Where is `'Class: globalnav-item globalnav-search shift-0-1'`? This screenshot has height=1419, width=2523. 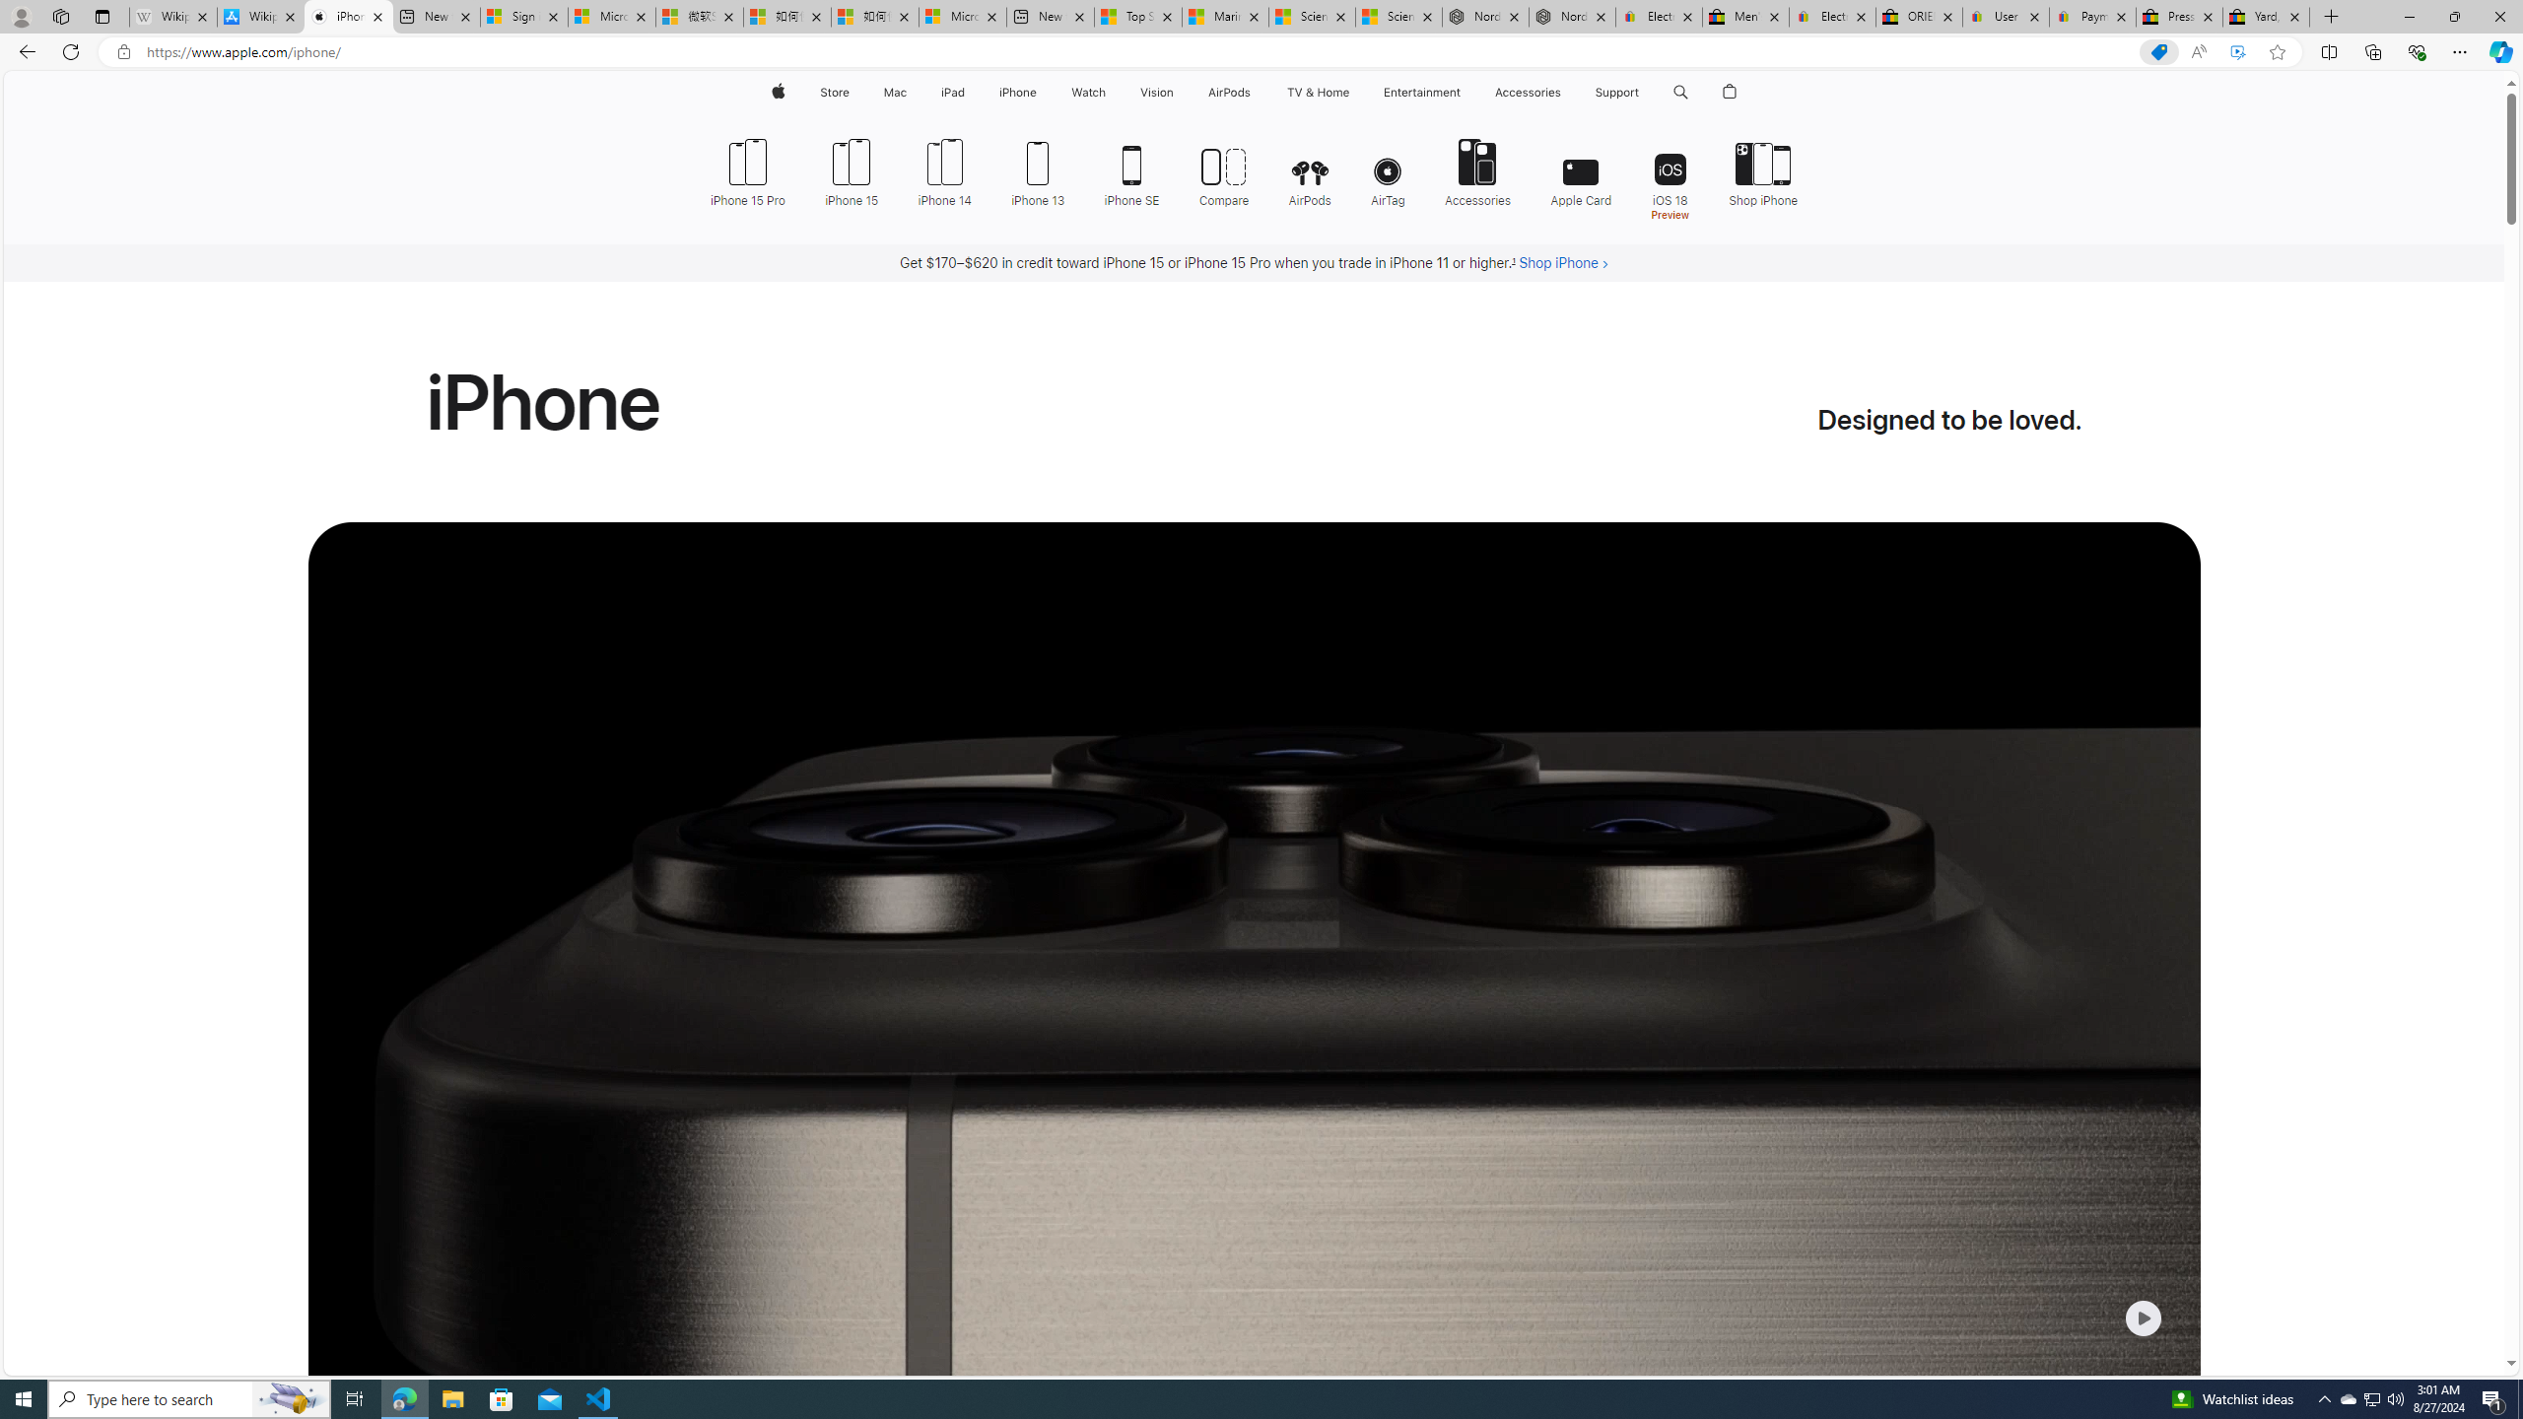 'Class: globalnav-item globalnav-search shift-0-1' is located at coordinates (1680, 92).